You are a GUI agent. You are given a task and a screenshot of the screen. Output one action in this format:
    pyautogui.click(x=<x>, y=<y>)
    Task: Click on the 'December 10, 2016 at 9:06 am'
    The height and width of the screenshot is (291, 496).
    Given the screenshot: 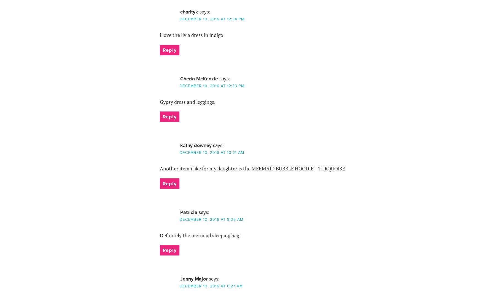 What is the action you would take?
    pyautogui.click(x=211, y=219)
    